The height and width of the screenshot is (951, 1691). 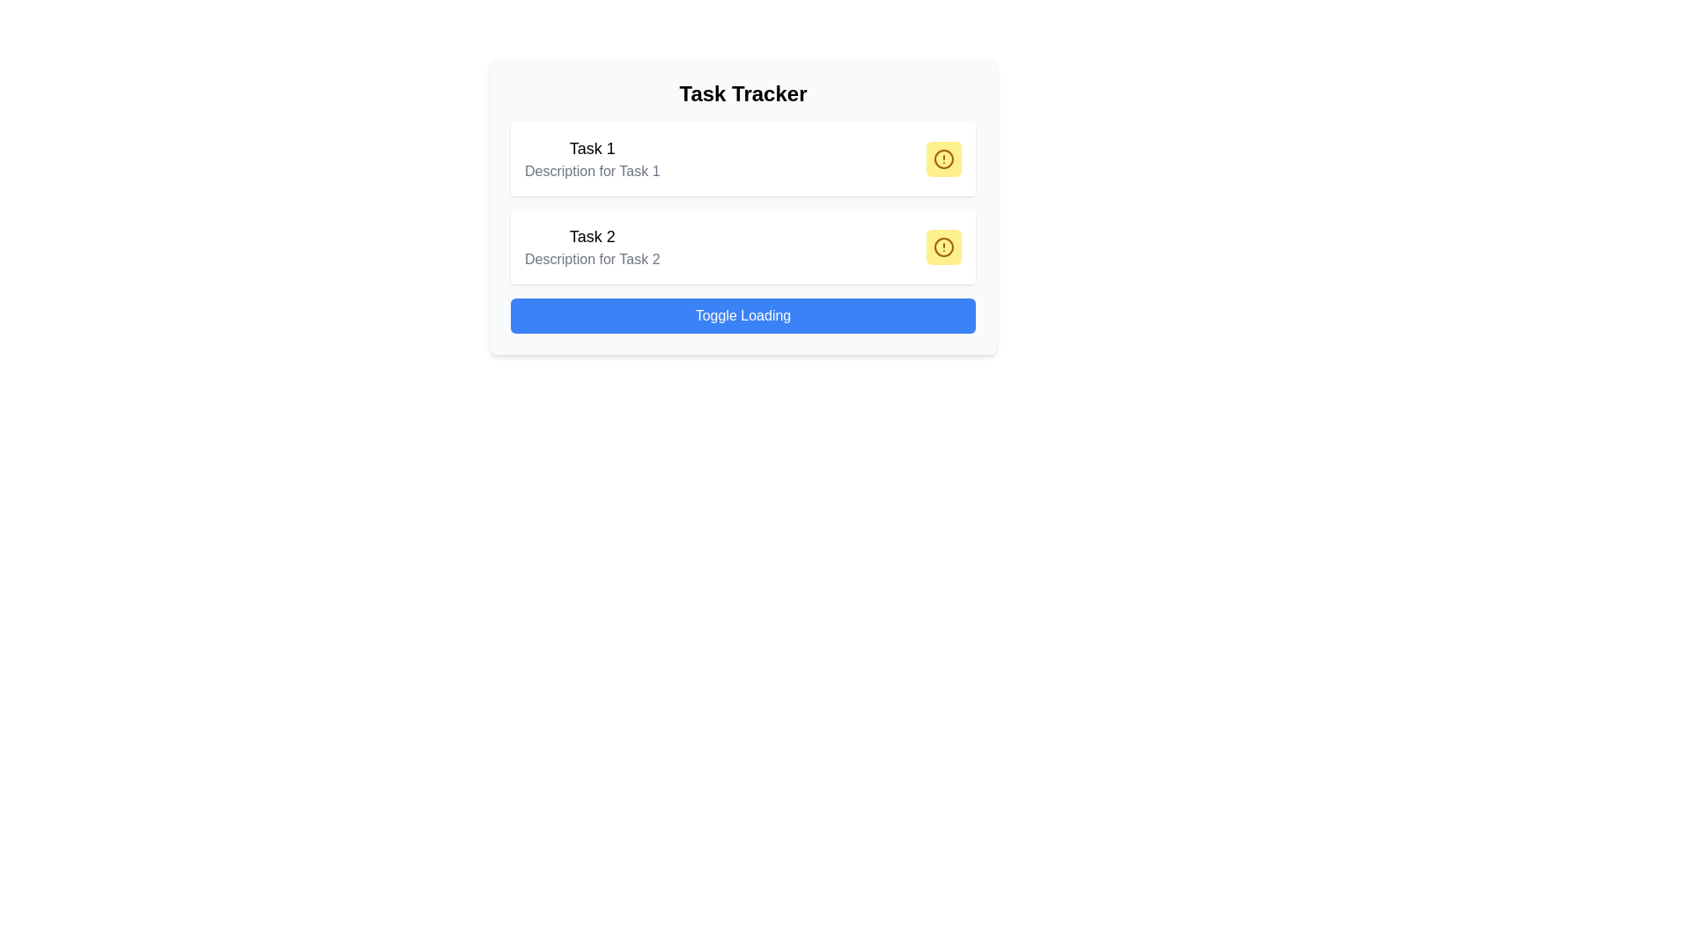 What do you see at coordinates (942, 247) in the screenshot?
I see `the button indicating a warning or alert associated with 'Task 2'` at bounding box center [942, 247].